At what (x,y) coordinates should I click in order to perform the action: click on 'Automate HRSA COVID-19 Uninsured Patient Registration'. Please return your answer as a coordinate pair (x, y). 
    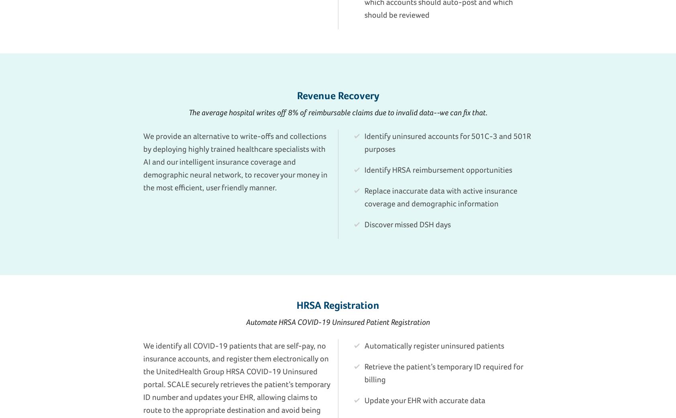
    Looking at the image, I should click on (338, 322).